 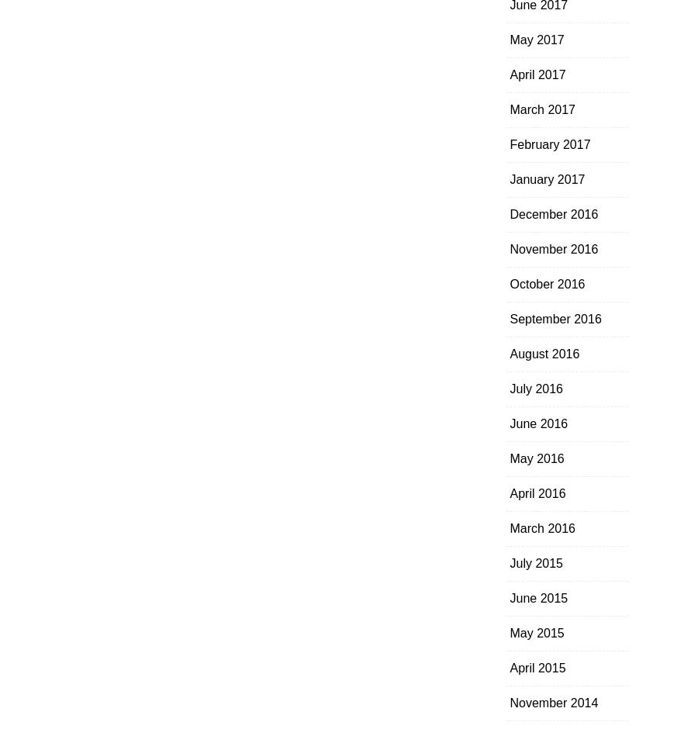 What do you see at coordinates (536, 458) in the screenshot?
I see `'May 2016'` at bounding box center [536, 458].